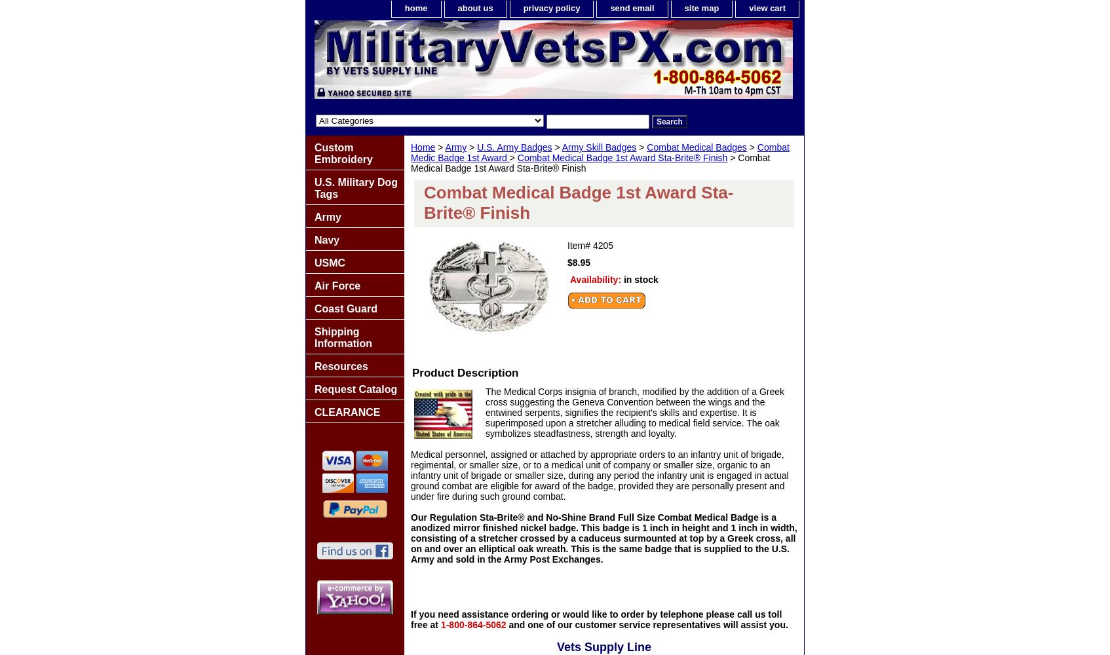  Describe the element at coordinates (513, 147) in the screenshot. I see `'U.S. Army Badges'` at that location.